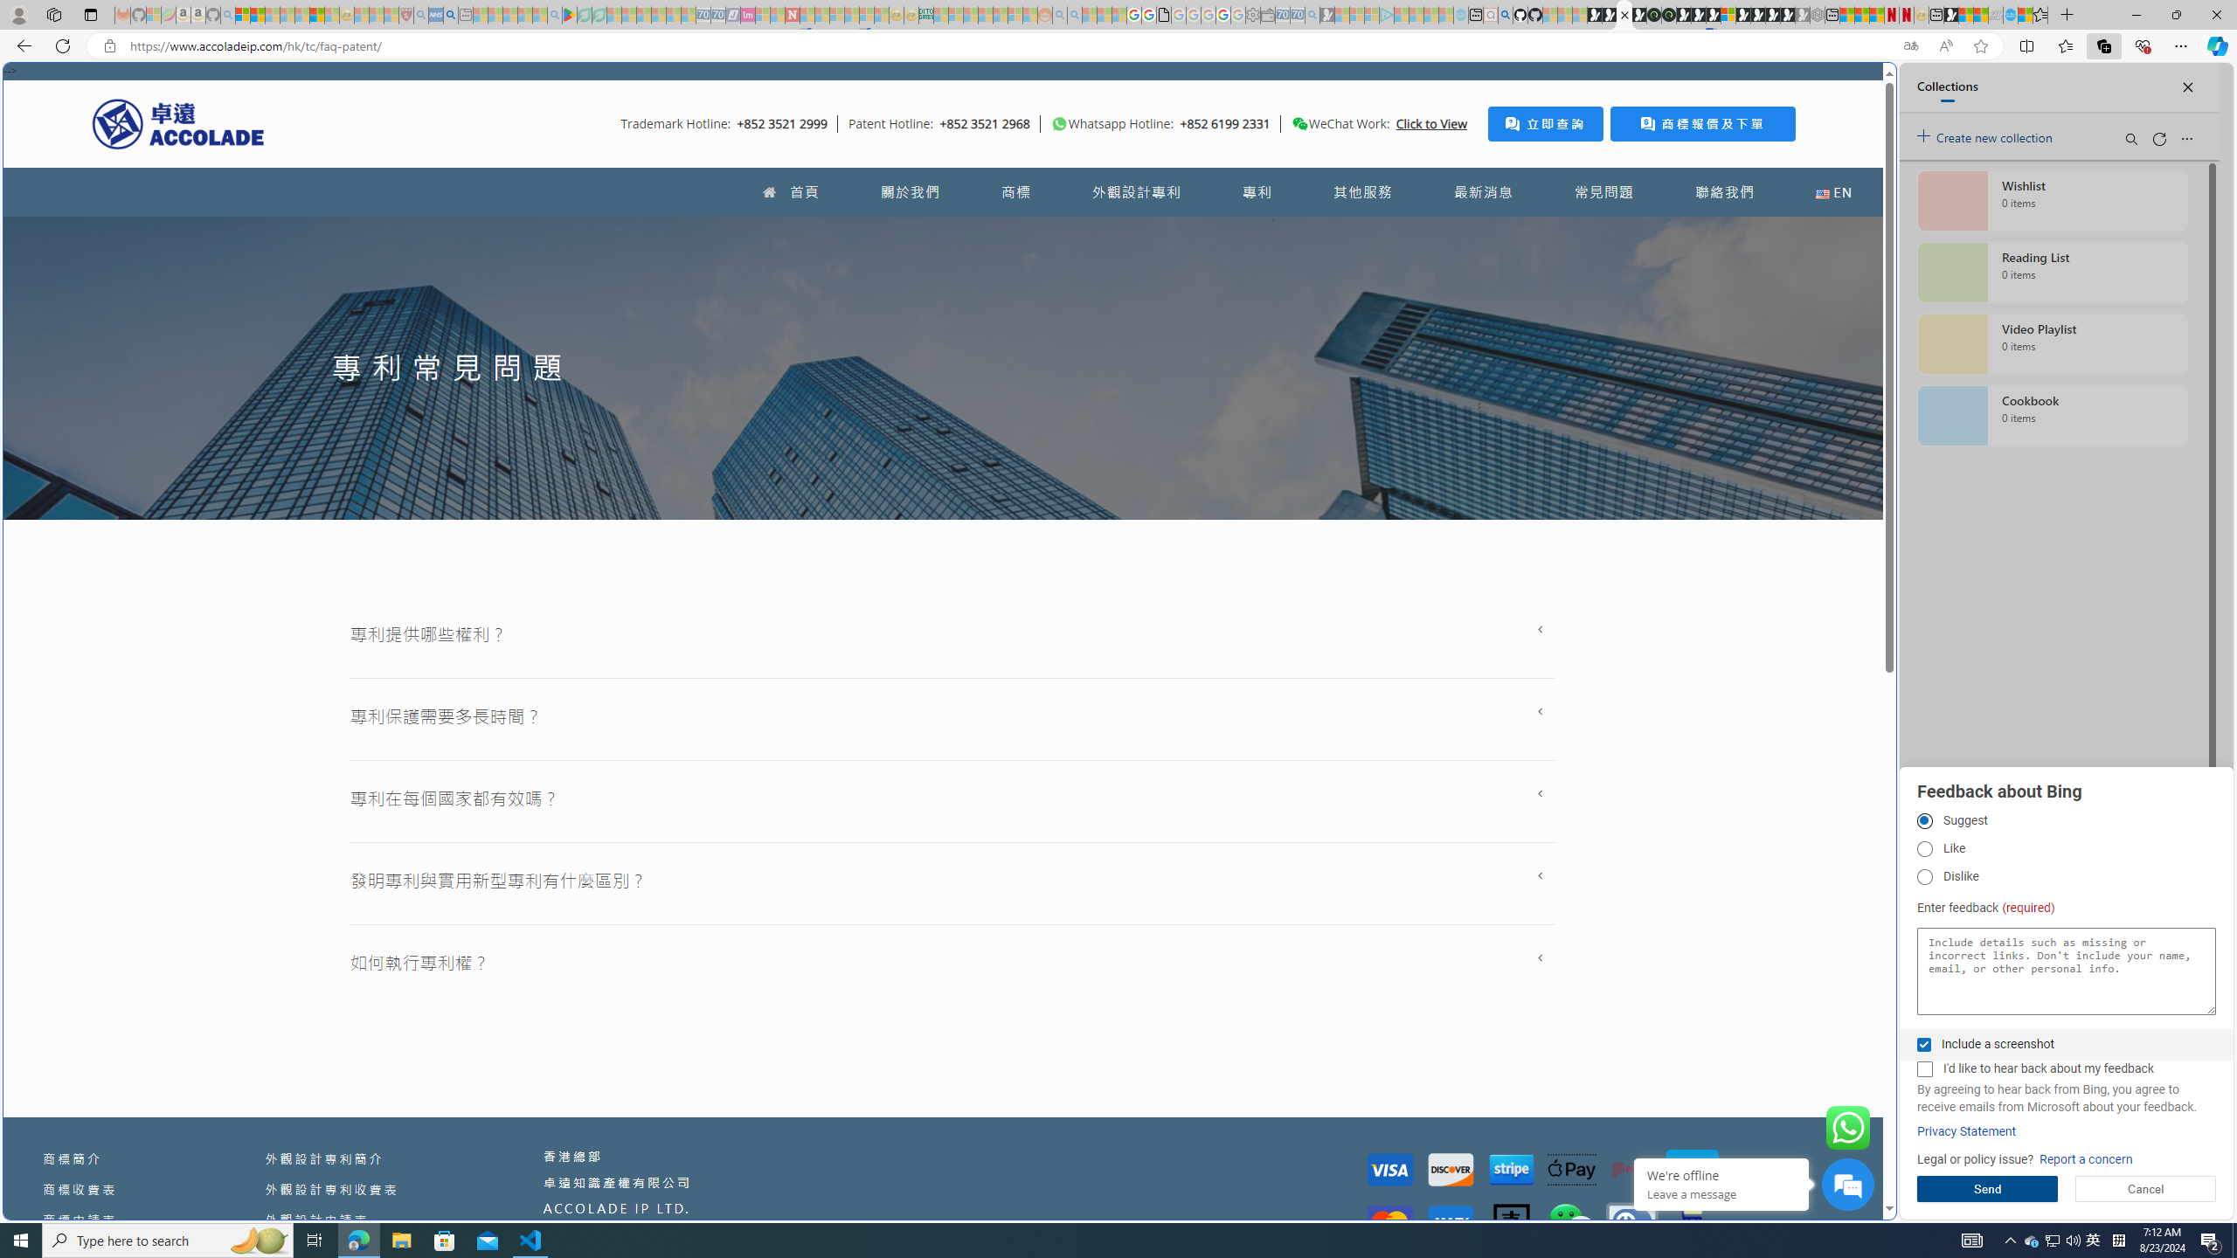 The height and width of the screenshot is (1258, 2237). Describe the element at coordinates (1966, 14) in the screenshot. I see `'World - MSN'` at that location.